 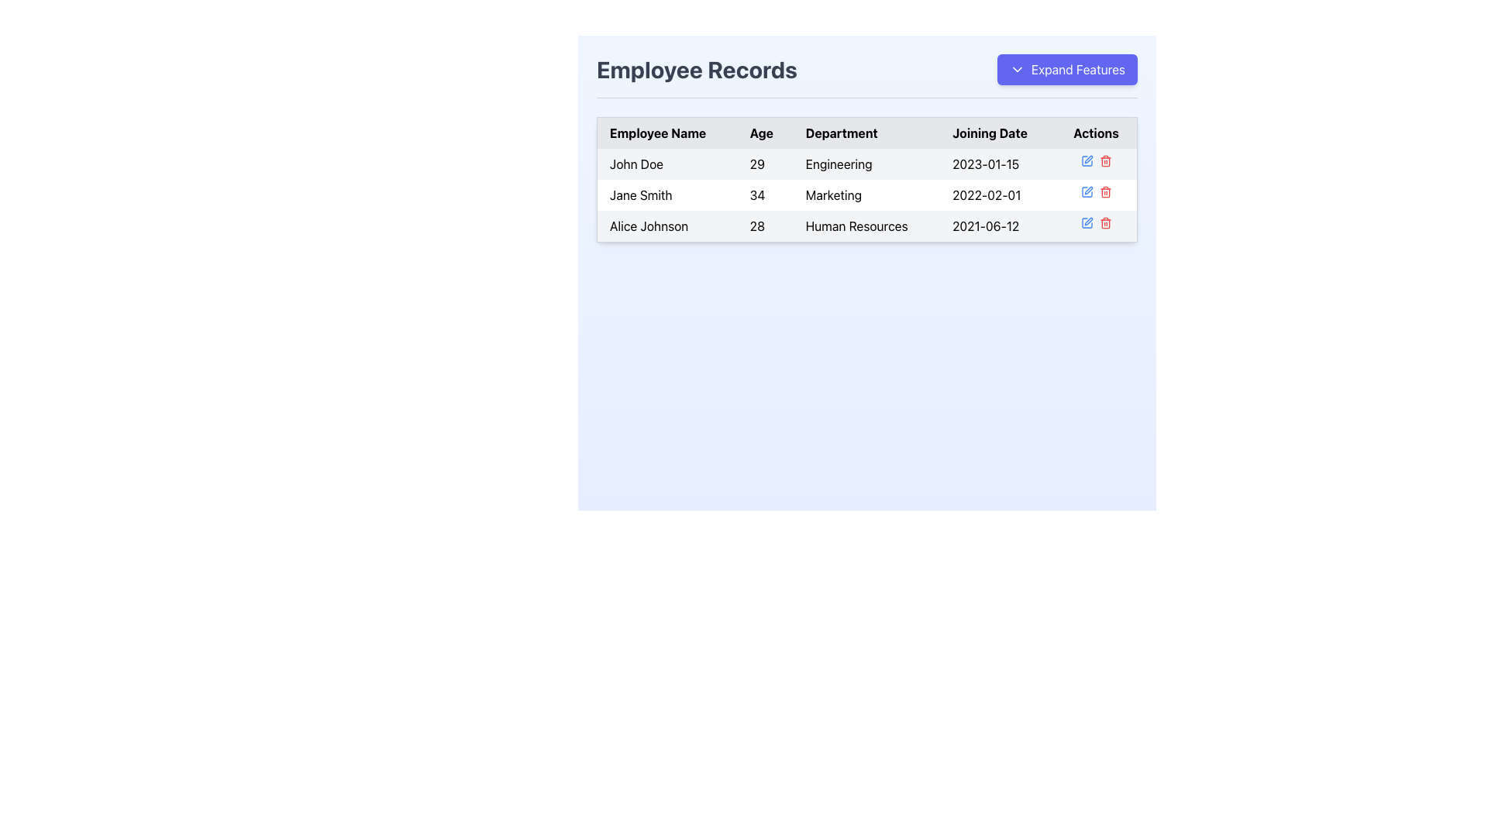 I want to click on the second row of the 'Employee Records' table, which contains the employee details for 'Jane Smith', to edit the details if editing is enabled, so click(x=866, y=194).